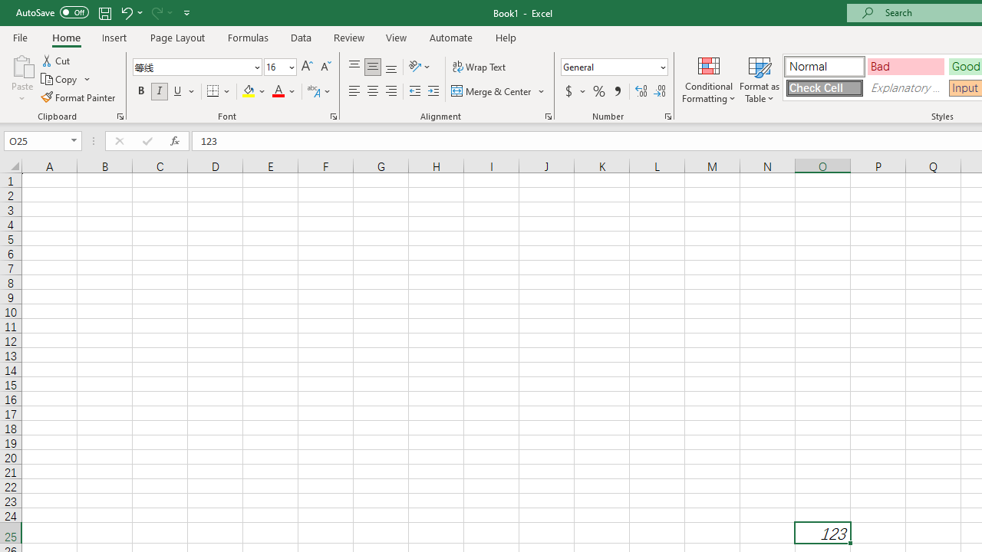 This screenshot has width=982, height=552. Describe the element at coordinates (196, 66) in the screenshot. I see `'Font'` at that location.